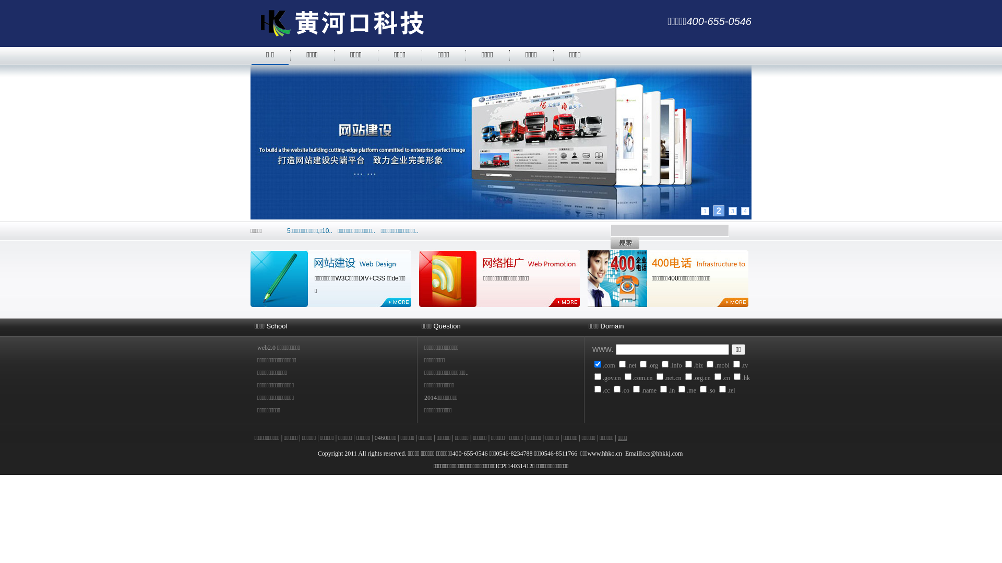 This screenshot has height=563, width=1002. I want to click on 'ccs@hhkkj.com ', so click(663, 453).